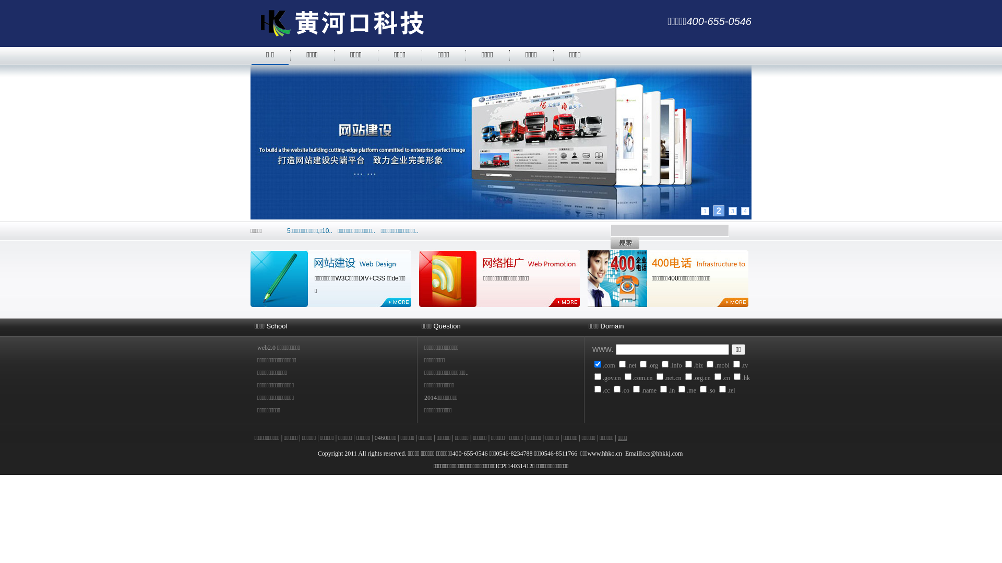 This screenshot has height=563, width=1002. I want to click on 'ccs@hhkkj.com ', so click(663, 453).